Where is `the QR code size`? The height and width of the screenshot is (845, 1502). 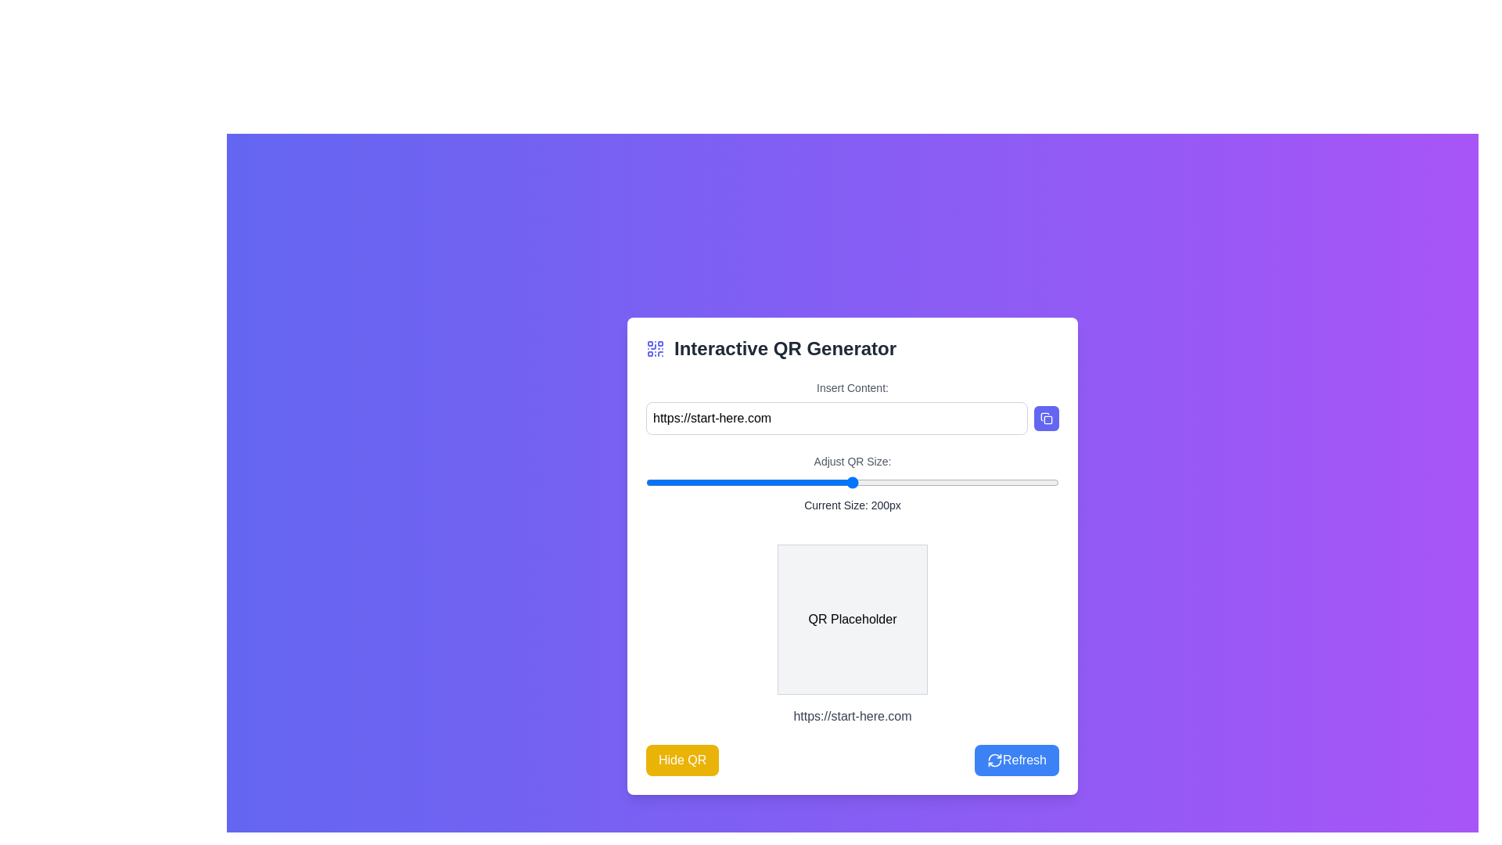
the QR code size is located at coordinates (1042, 482).